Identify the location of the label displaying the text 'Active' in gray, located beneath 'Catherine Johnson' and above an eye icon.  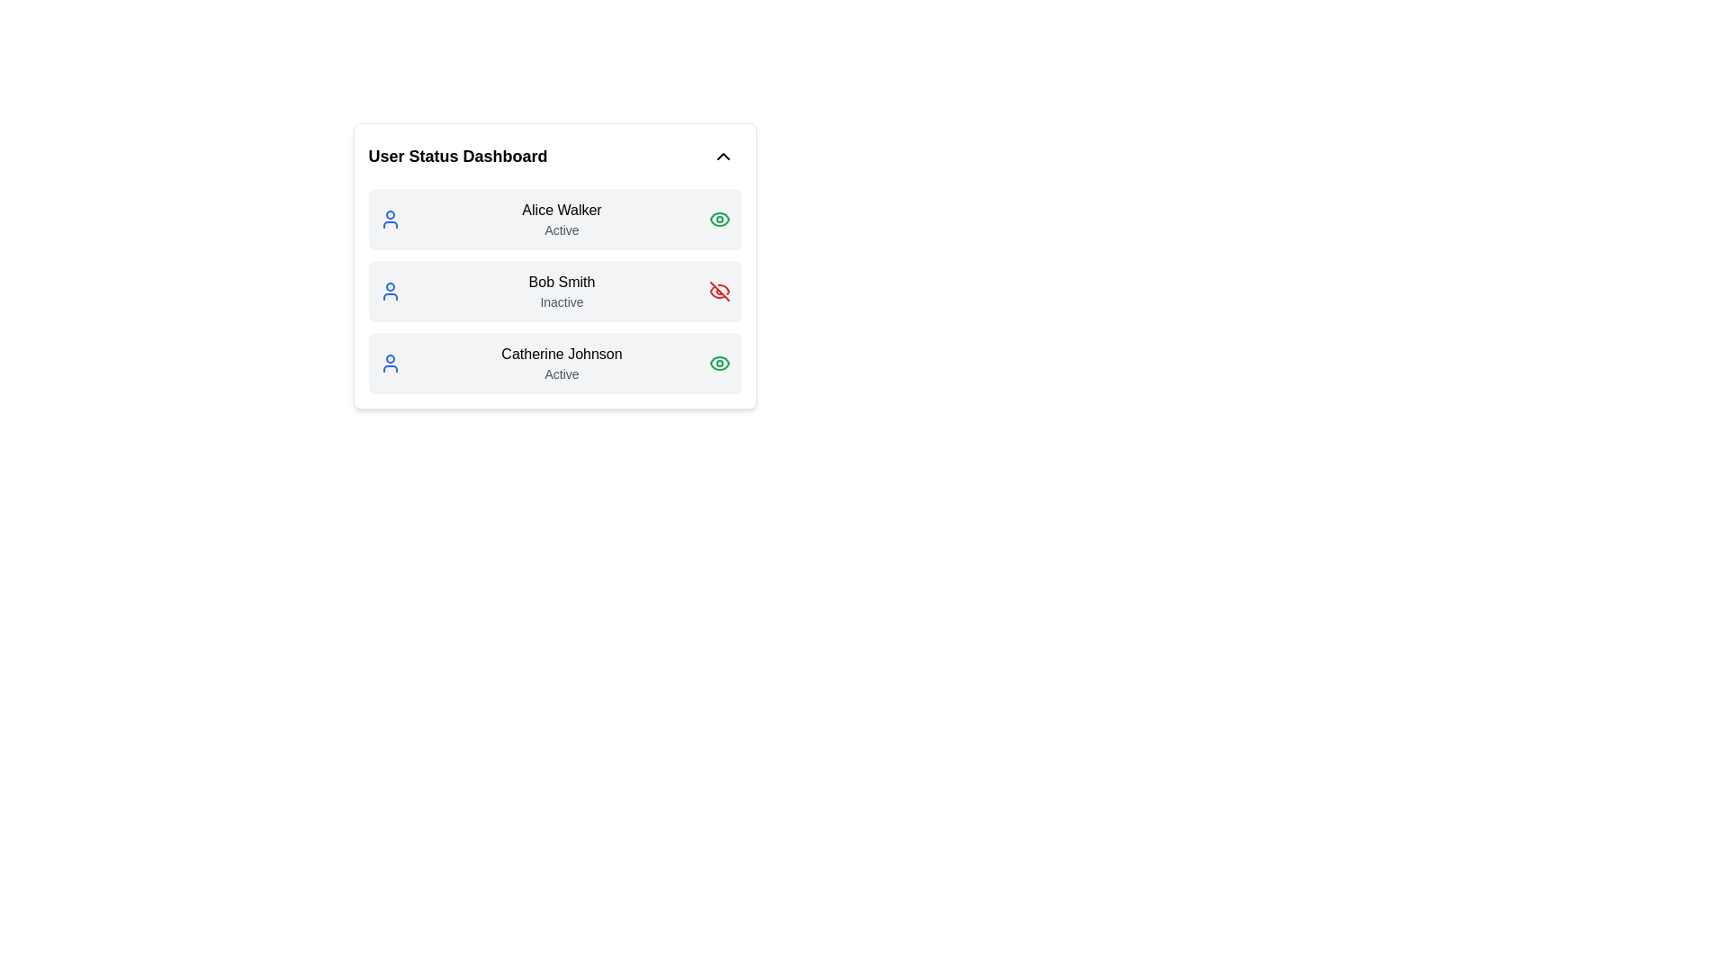
(561, 373).